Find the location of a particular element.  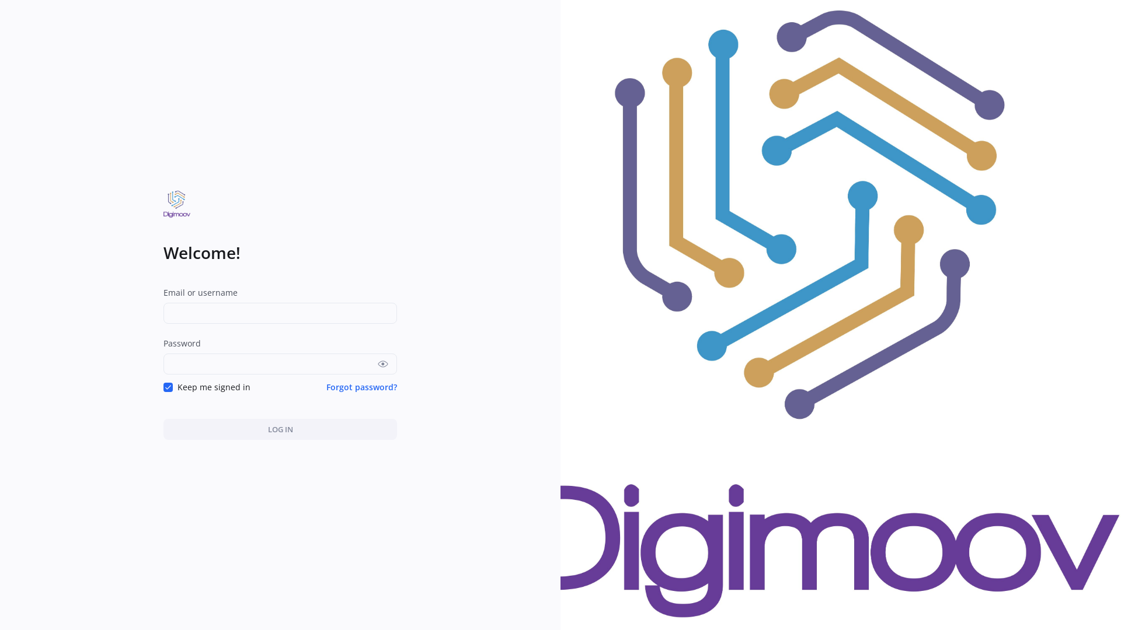

'LOG IN' is located at coordinates (280, 429).